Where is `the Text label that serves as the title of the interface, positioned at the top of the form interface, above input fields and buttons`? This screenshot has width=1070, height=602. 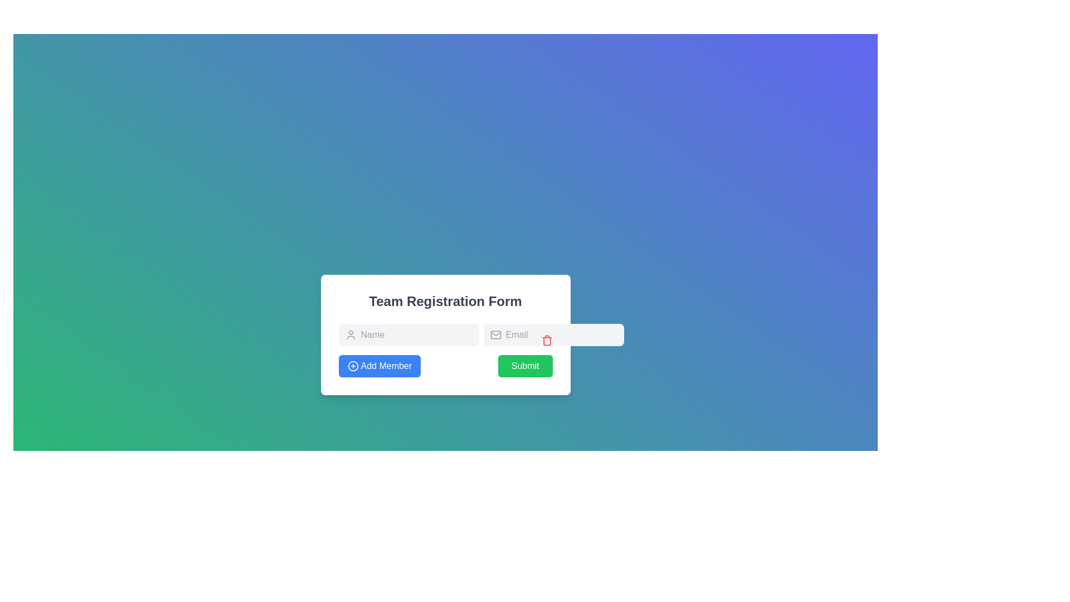 the Text label that serves as the title of the interface, positioned at the top of the form interface, above input fields and buttons is located at coordinates (445, 301).